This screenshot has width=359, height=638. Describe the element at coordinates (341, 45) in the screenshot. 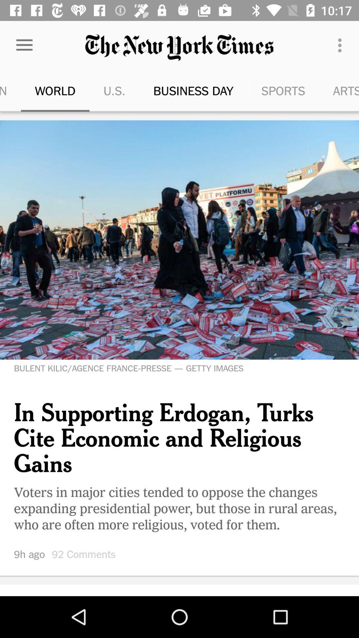

I see `item to the left of the new york` at that location.